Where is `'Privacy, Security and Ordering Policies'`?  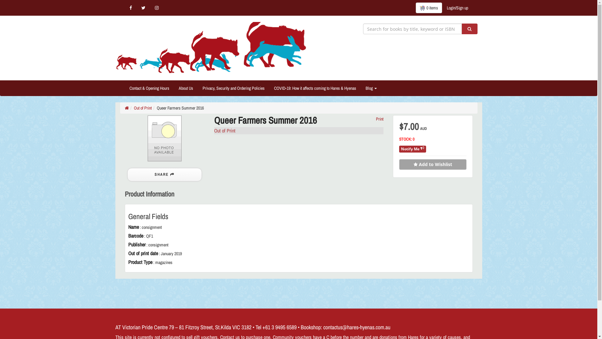
'Privacy, Security and Ordering Policies' is located at coordinates (197, 88).